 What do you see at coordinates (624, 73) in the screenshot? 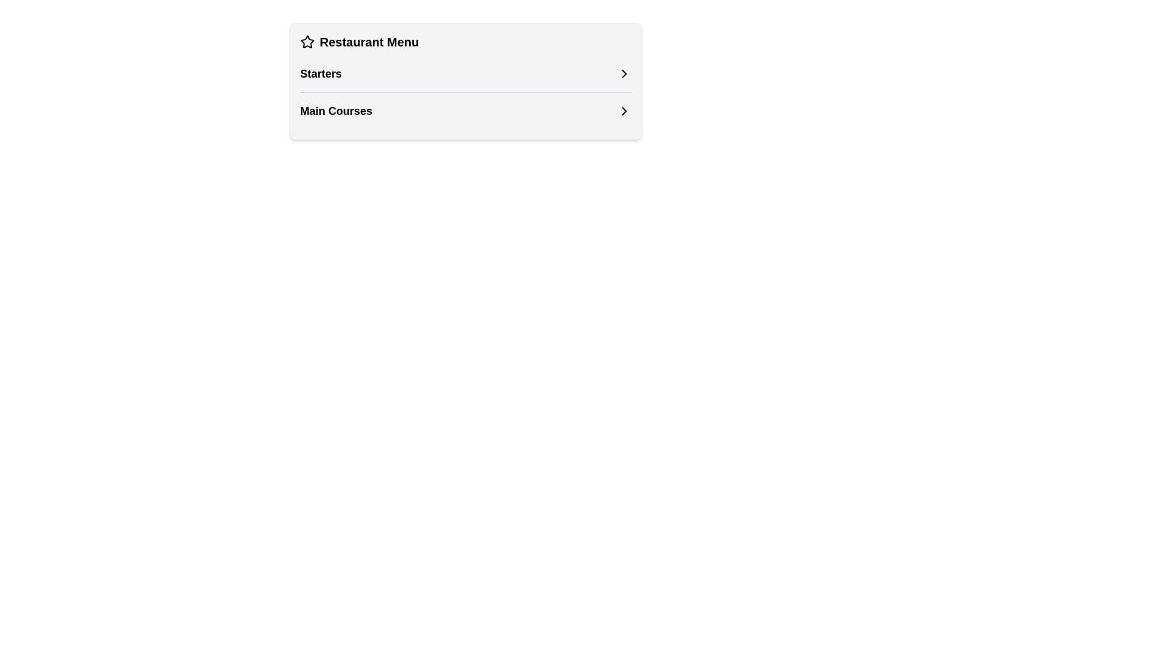
I see `the rightward arrow icon button` at bounding box center [624, 73].